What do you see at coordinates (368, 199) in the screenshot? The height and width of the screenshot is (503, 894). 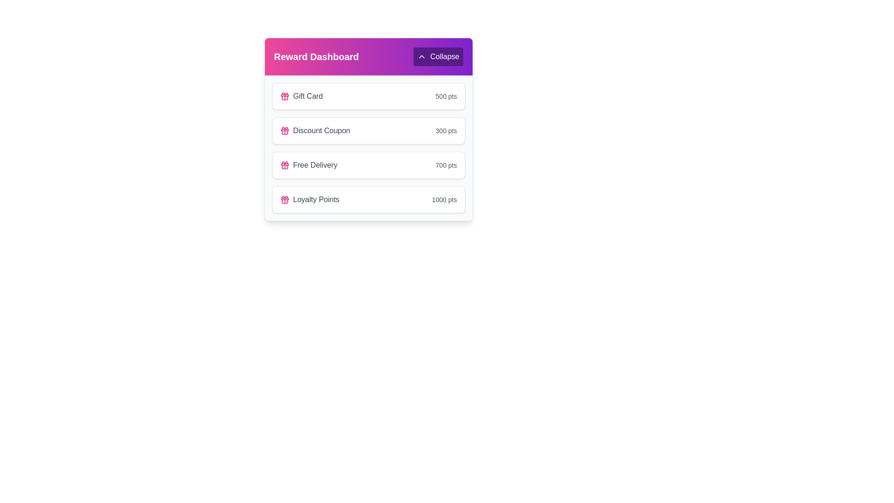 I see `information displayed on the loyalty points balance card, which is the fourth item in the Reward Dashboard section` at bounding box center [368, 199].